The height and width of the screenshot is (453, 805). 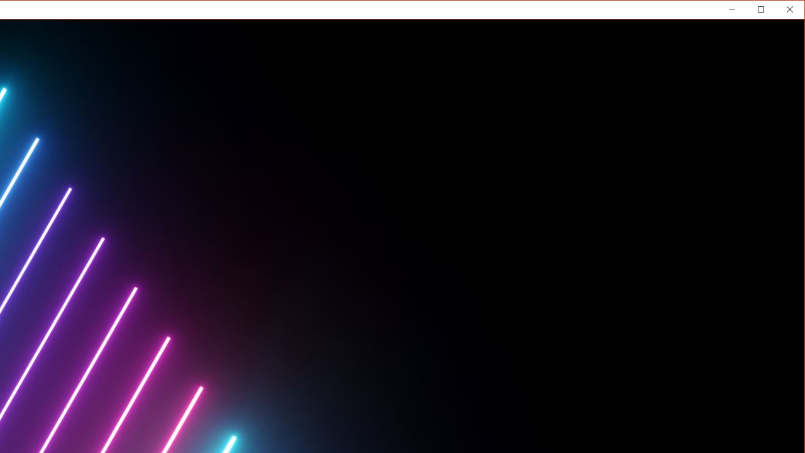 What do you see at coordinates (792, 12) in the screenshot?
I see `'Close'` at bounding box center [792, 12].